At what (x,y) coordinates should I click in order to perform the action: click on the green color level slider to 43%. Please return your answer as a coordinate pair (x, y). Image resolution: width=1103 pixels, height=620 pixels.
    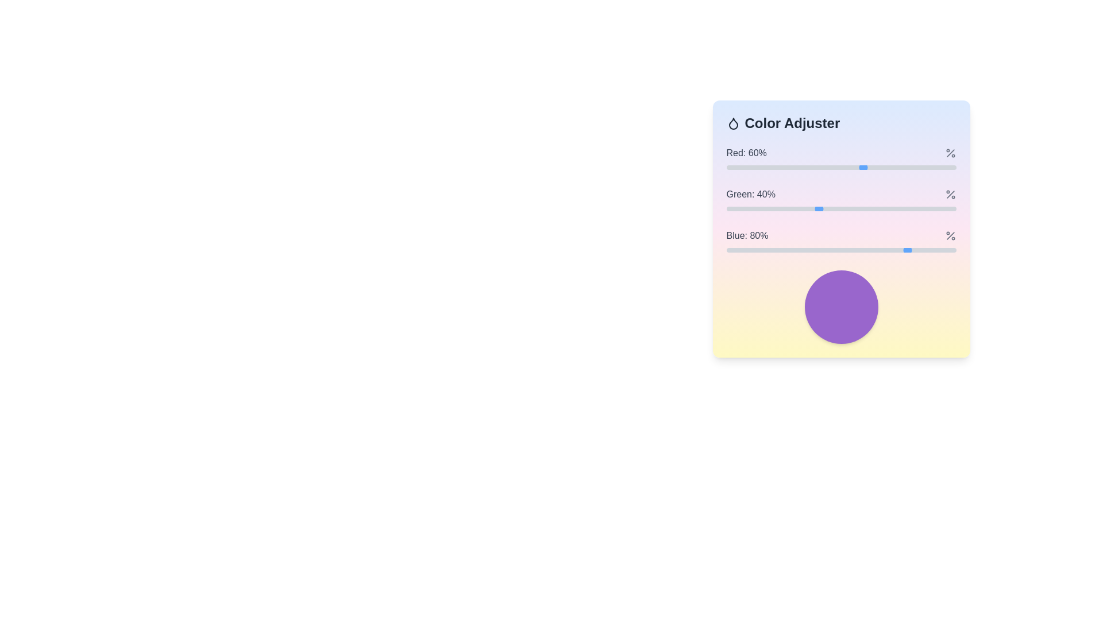
    Looking at the image, I should click on (824, 208).